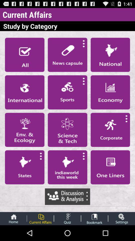  What do you see at coordinates (67, 130) in the screenshot?
I see `explore catagory` at bounding box center [67, 130].